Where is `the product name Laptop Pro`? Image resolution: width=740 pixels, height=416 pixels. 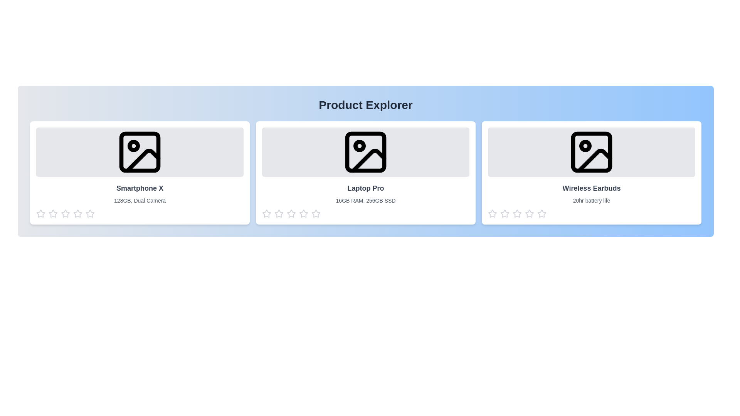
the product name Laptop Pro is located at coordinates (365, 188).